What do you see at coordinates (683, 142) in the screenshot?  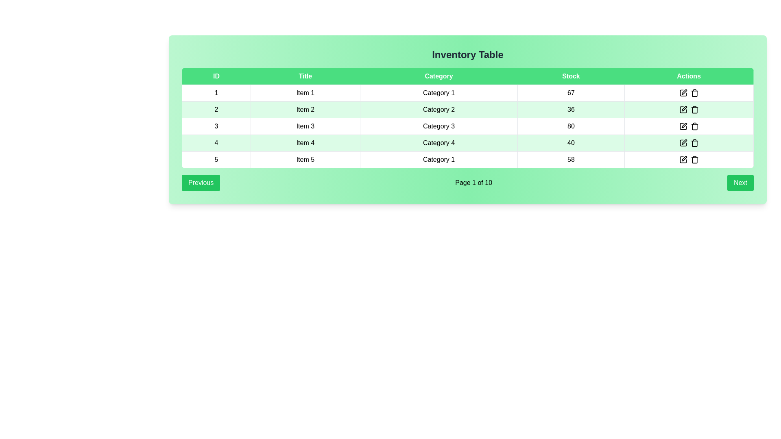 I see `the first icon in the 'Actions' column of the fourth row of the table` at bounding box center [683, 142].